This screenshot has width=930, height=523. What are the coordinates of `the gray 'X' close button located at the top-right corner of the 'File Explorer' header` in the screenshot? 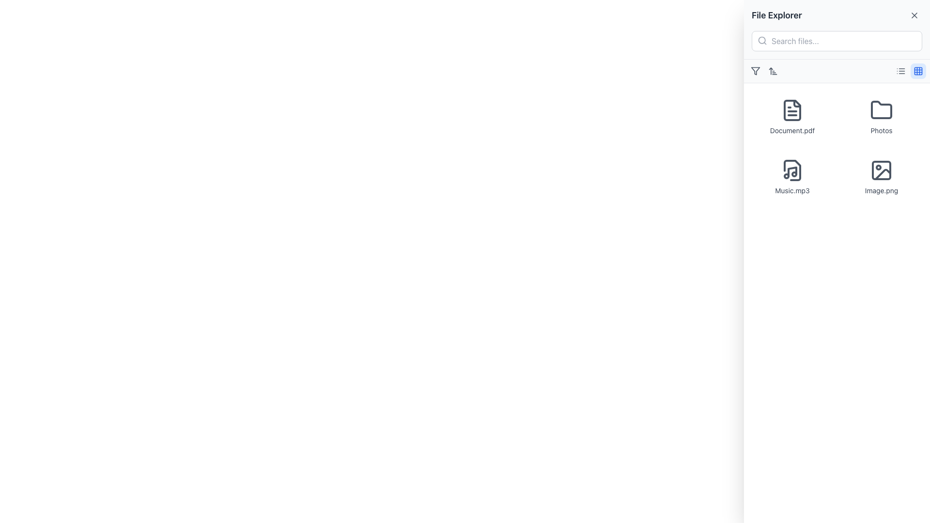 It's located at (914, 15).